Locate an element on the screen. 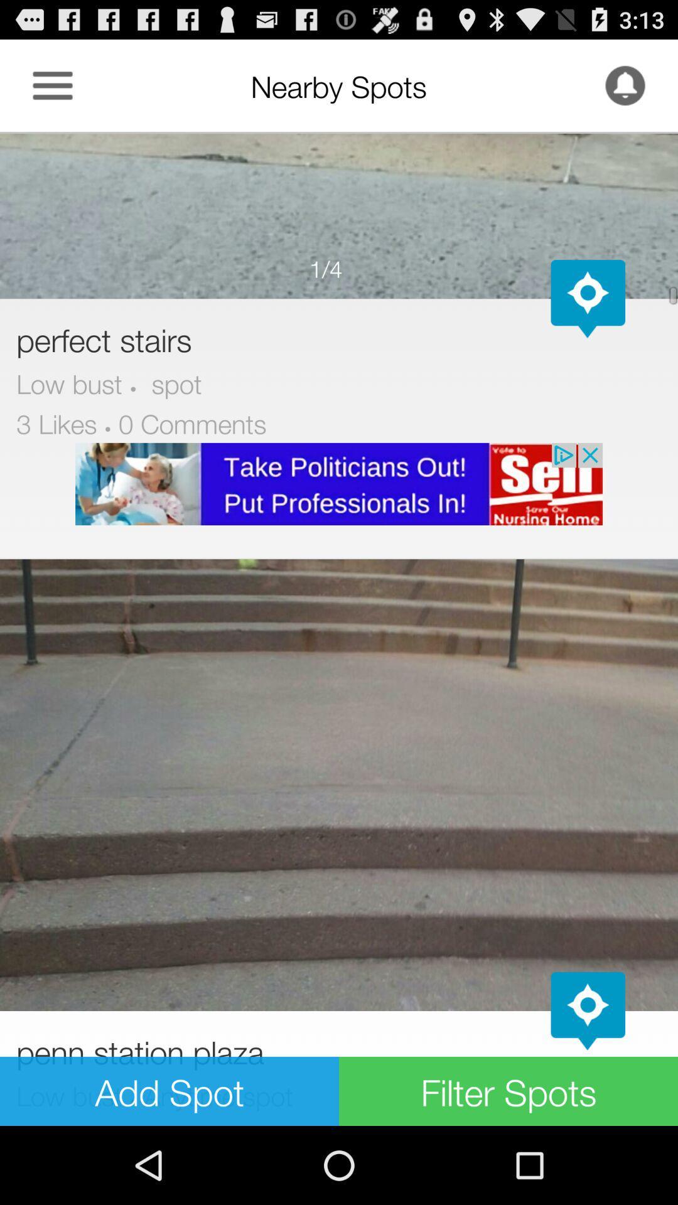 This screenshot has width=678, height=1205. box the image area is located at coordinates (339, 215).